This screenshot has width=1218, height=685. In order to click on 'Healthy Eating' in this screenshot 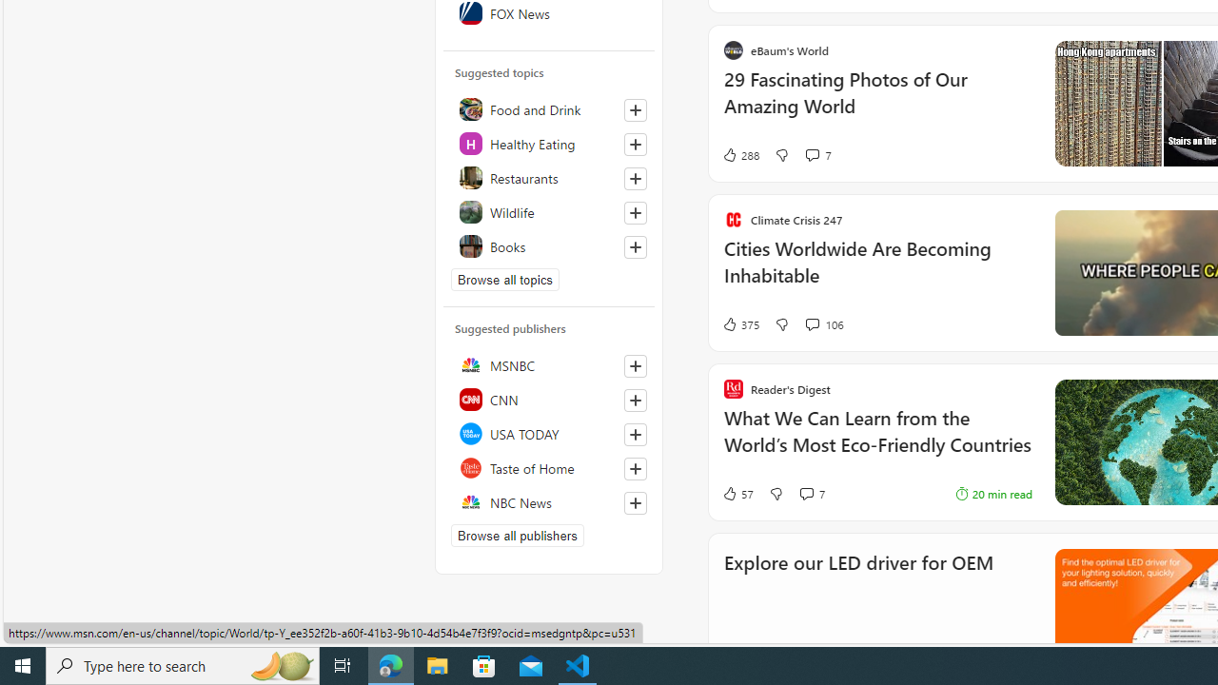, I will do `click(548, 142)`.